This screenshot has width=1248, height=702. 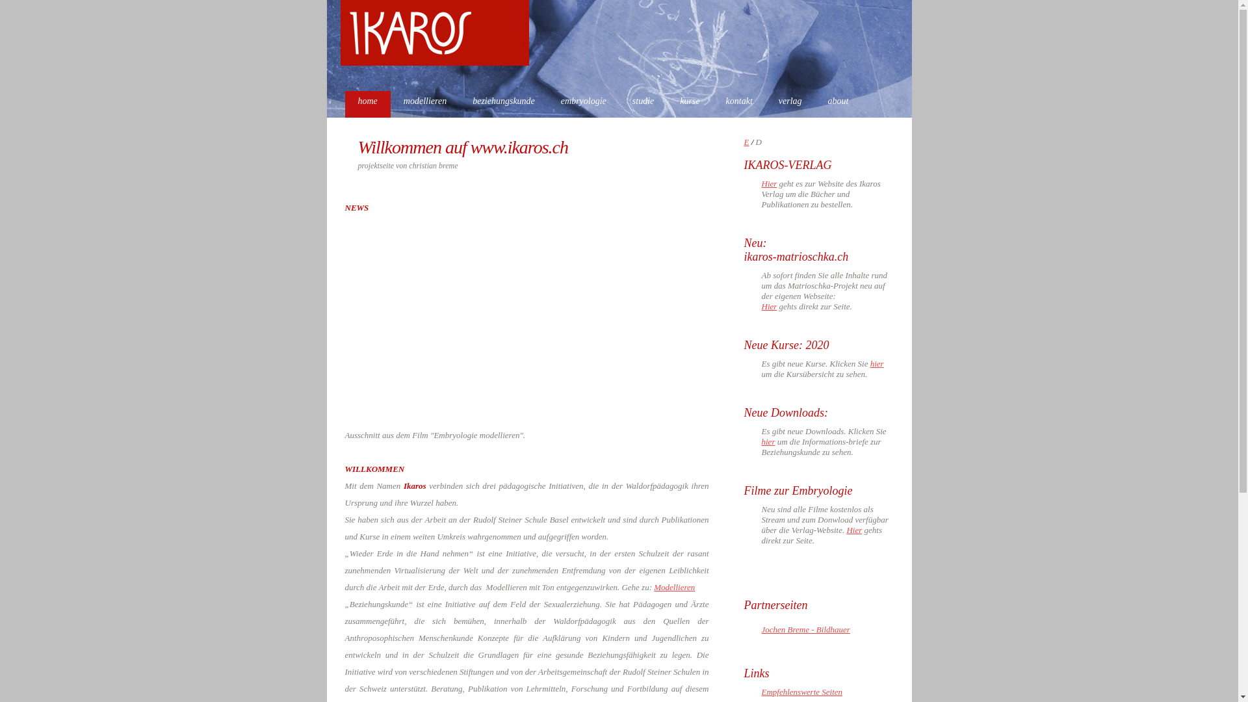 I want to click on 'kontakt', so click(x=739, y=103).